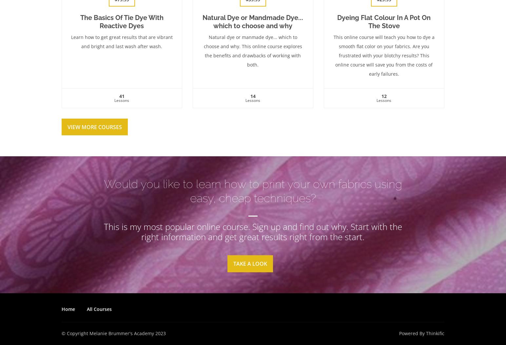  I want to click on 'This online course will teach you how to dye a smooth flat color on your fabrics. Are you frustrated with your blotchy results? This online course will save you from the costs of early failures.', so click(383, 55).